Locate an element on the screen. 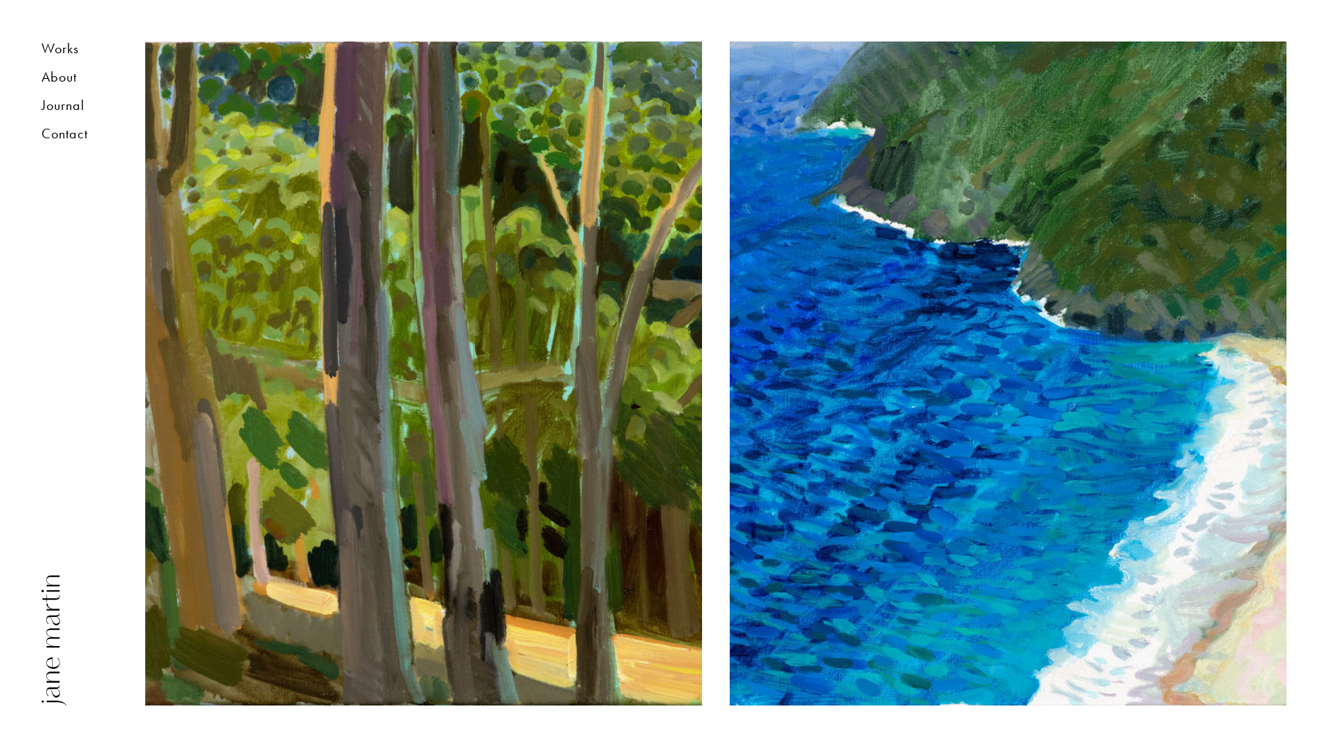 This screenshot has height=747, width=1328. 'Works' is located at coordinates (72, 52).